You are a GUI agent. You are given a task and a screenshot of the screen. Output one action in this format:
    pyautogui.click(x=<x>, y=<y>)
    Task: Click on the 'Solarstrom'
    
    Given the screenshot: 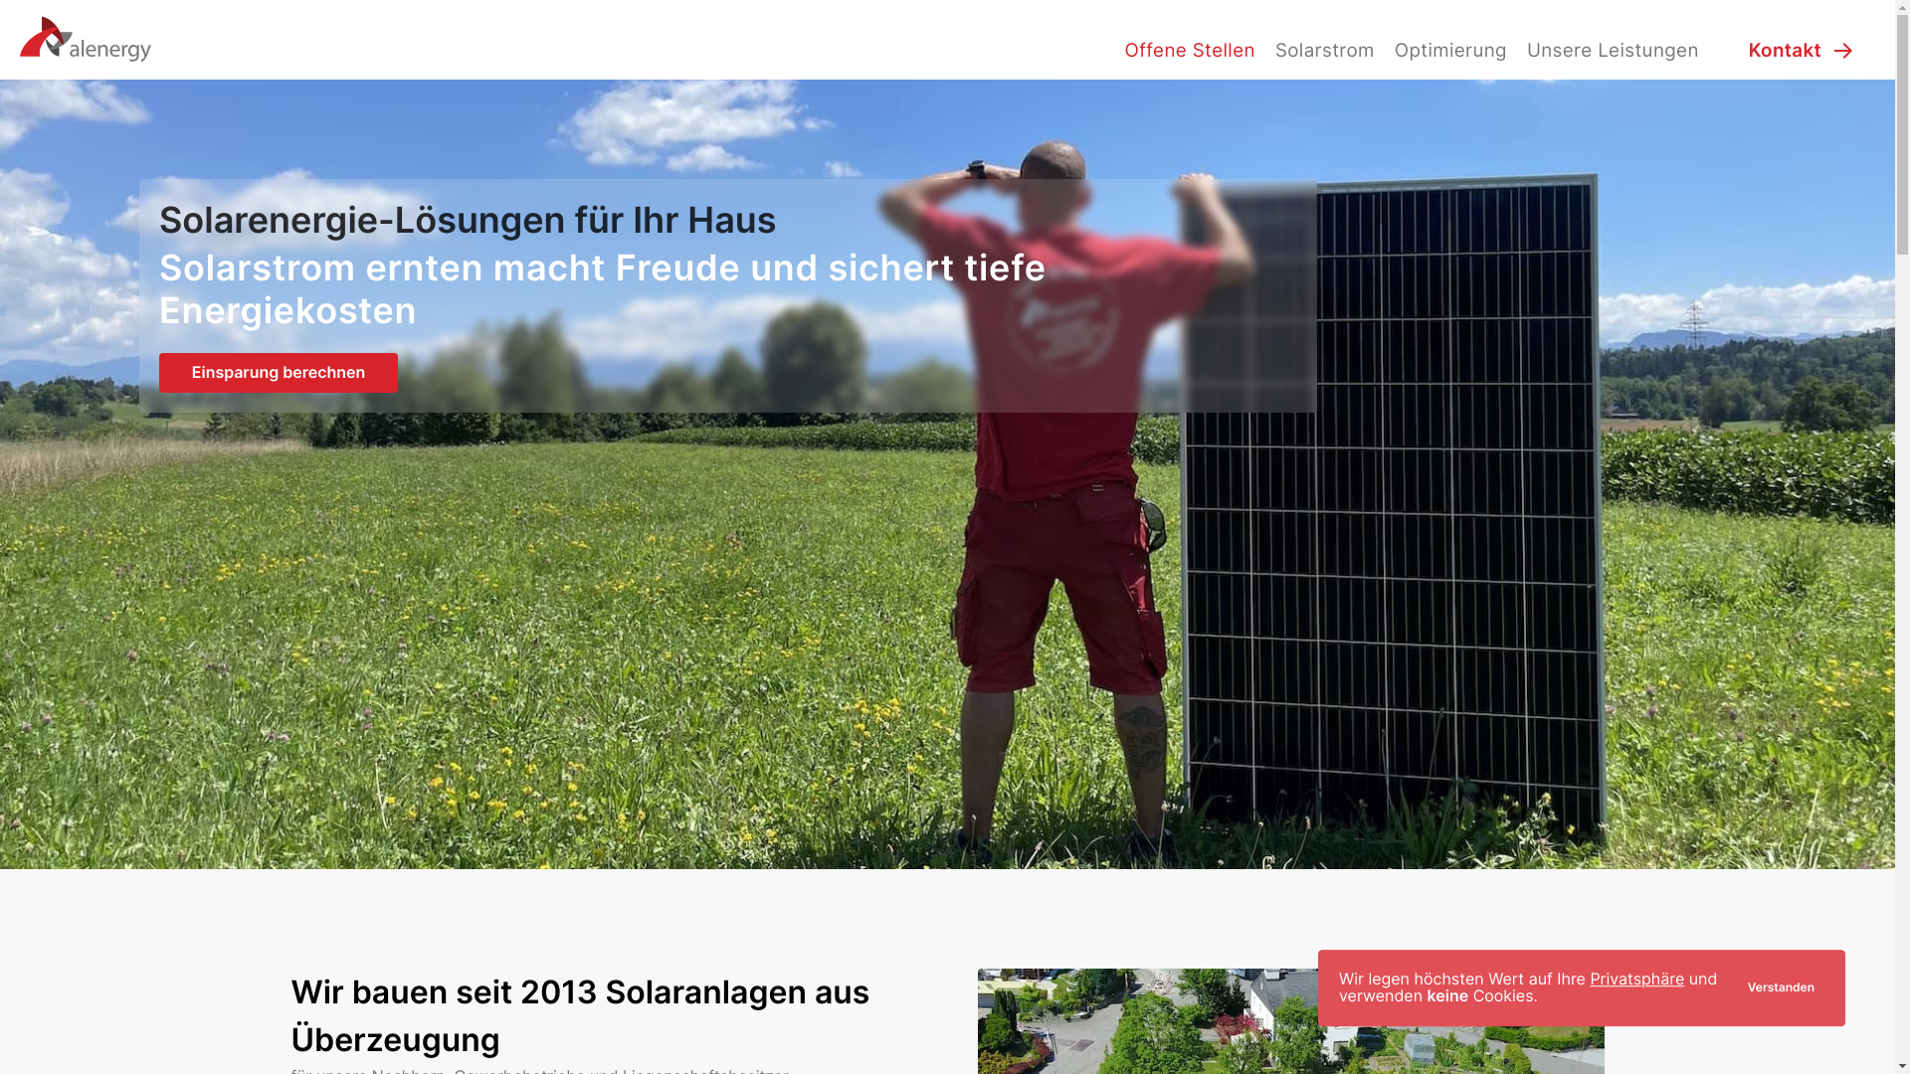 What is the action you would take?
    pyautogui.click(x=1264, y=49)
    